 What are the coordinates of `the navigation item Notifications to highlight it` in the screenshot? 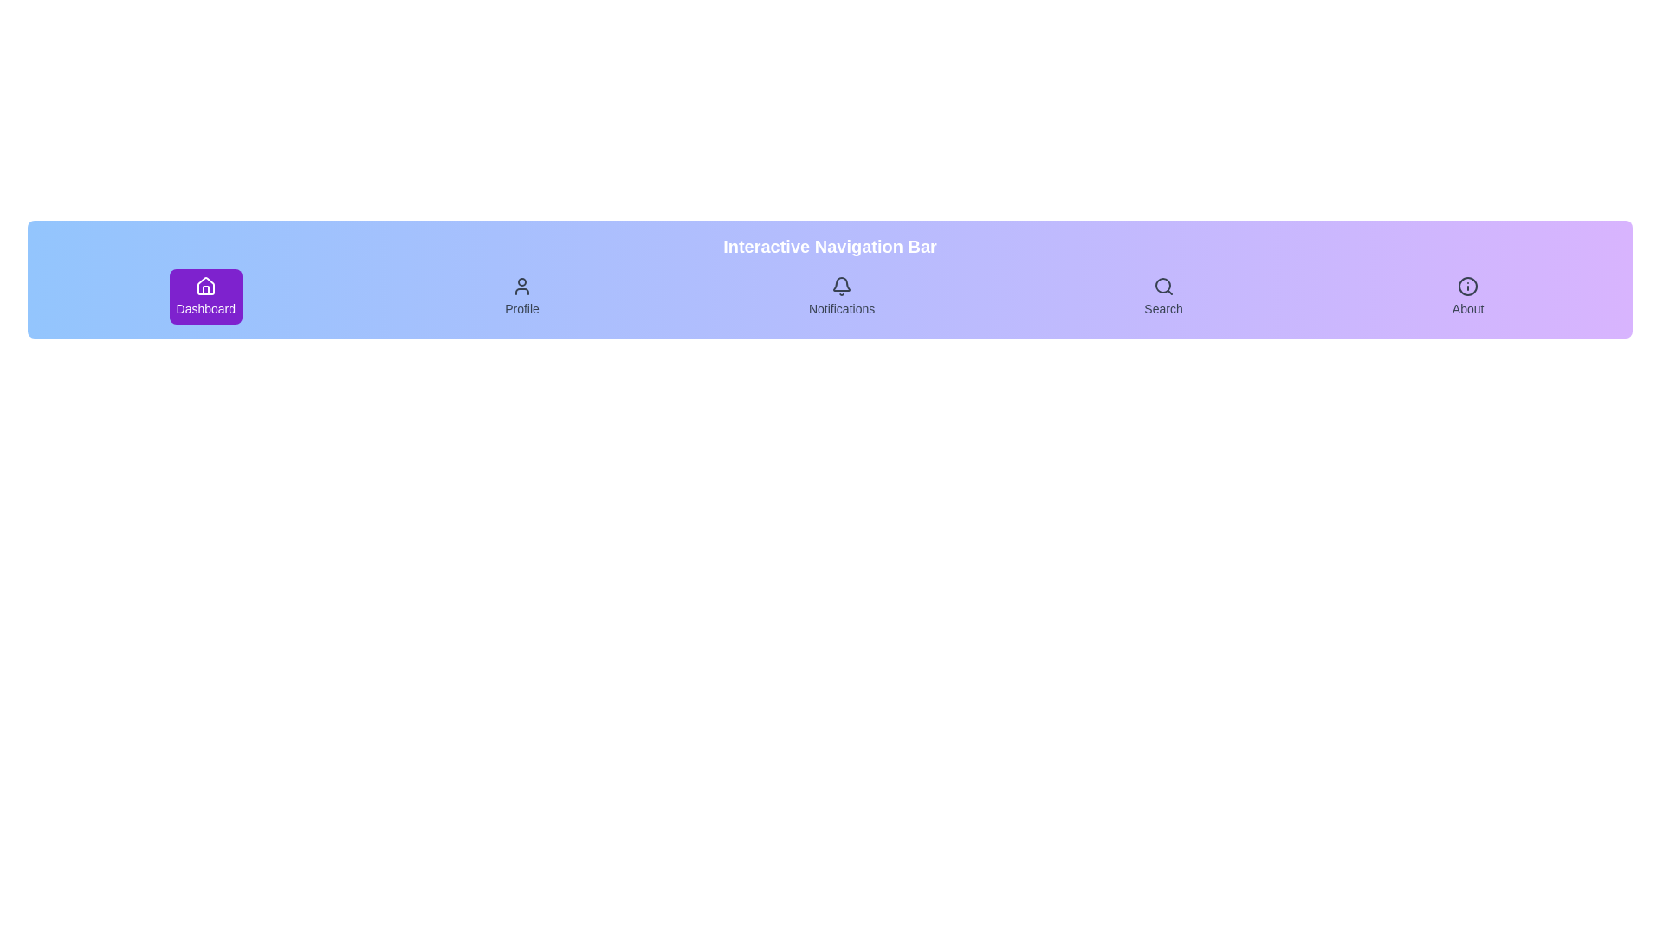 It's located at (842, 296).